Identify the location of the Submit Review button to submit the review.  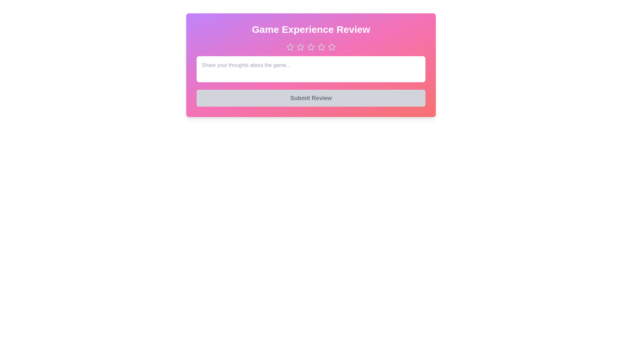
(310, 98).